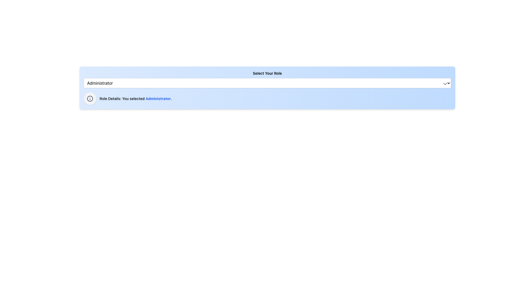  What do you see at coordinates (158, 98) in the screenshot?
I see `the Text Label that displays the currently selected user role, located near the bottom-left corner of the visible area` at bounding box center [158, 98].